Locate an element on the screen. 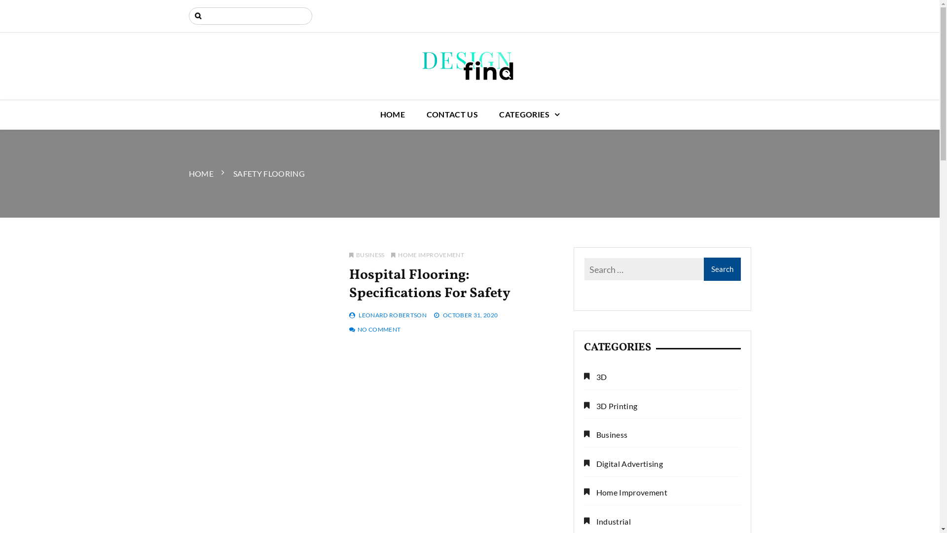  'OCTOBER 31, 2020' is located at coordinates (470, 315).